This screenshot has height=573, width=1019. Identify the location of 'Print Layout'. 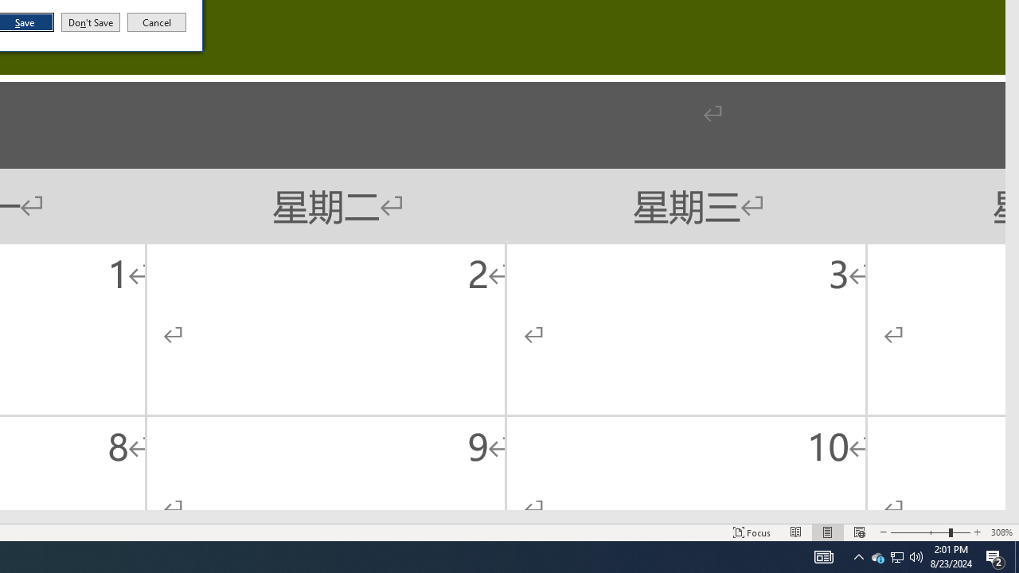
(828, 532).